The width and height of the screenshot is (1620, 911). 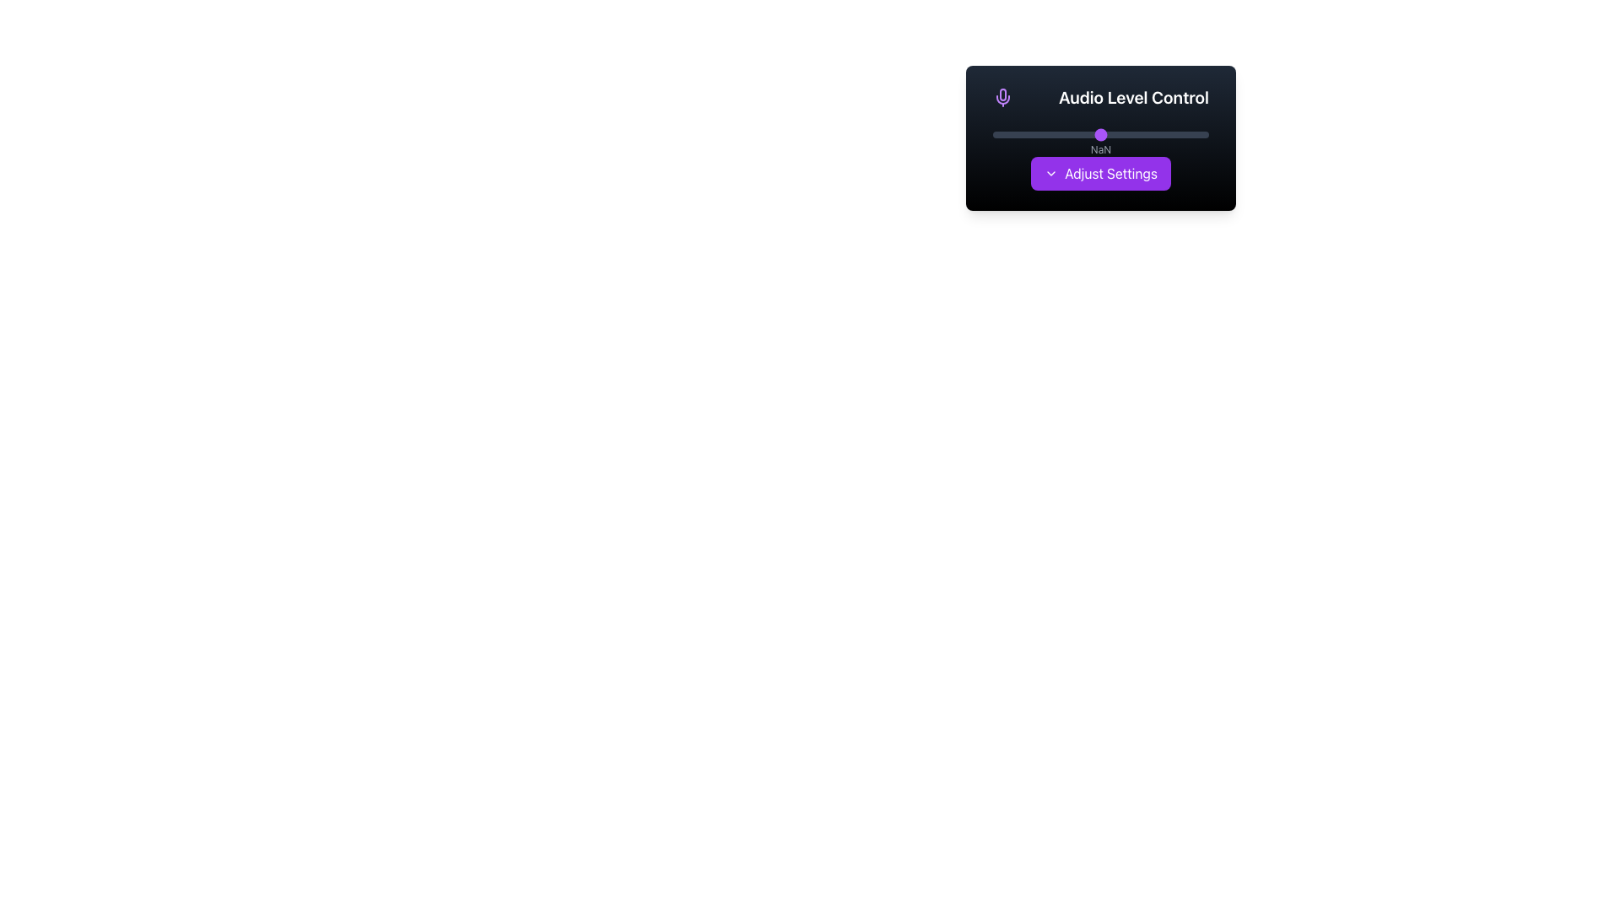 What do you see at coordinates (1171, 133) in the screenshot?
I see `the slider value` at bounding box center [1171, 133].